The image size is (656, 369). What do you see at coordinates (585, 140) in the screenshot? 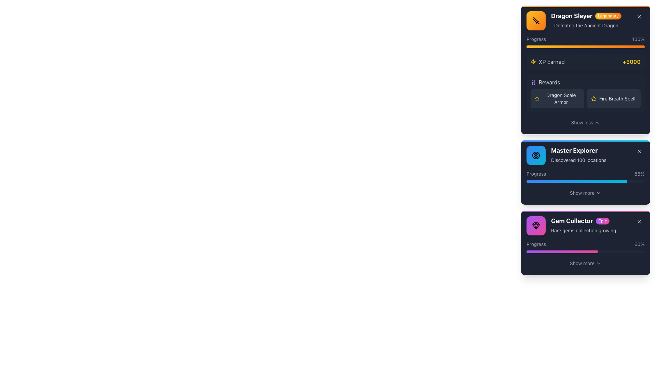
I see `the Decorative progress or header bar located at the top of the 'Master Explorer' card, which serves as a header highlight for the card's content` at bounding box center [585, 140].